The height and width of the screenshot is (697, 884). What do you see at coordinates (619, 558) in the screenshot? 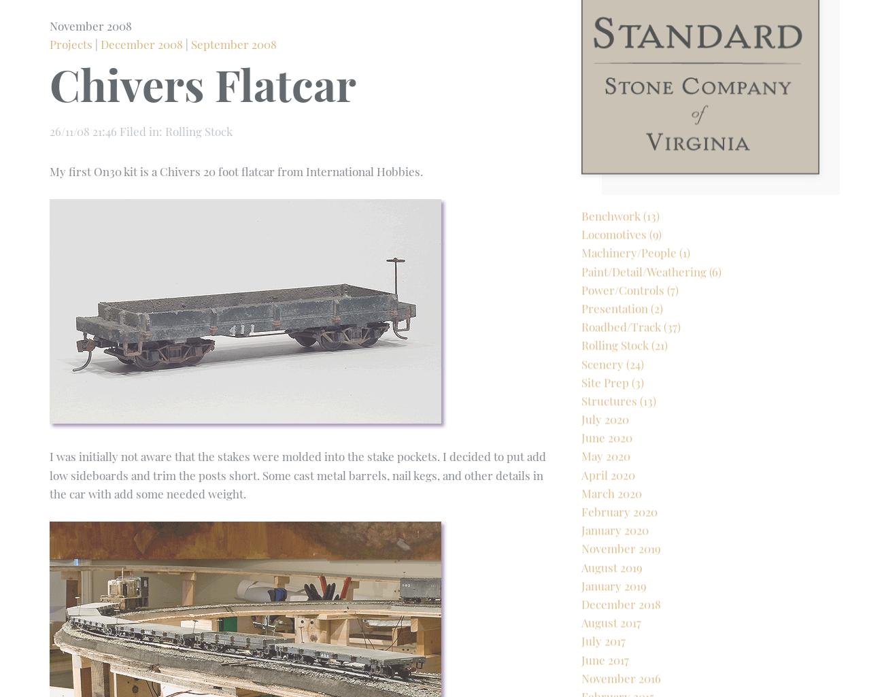
I see `'February 2020'` at bounding box center [619, 558].